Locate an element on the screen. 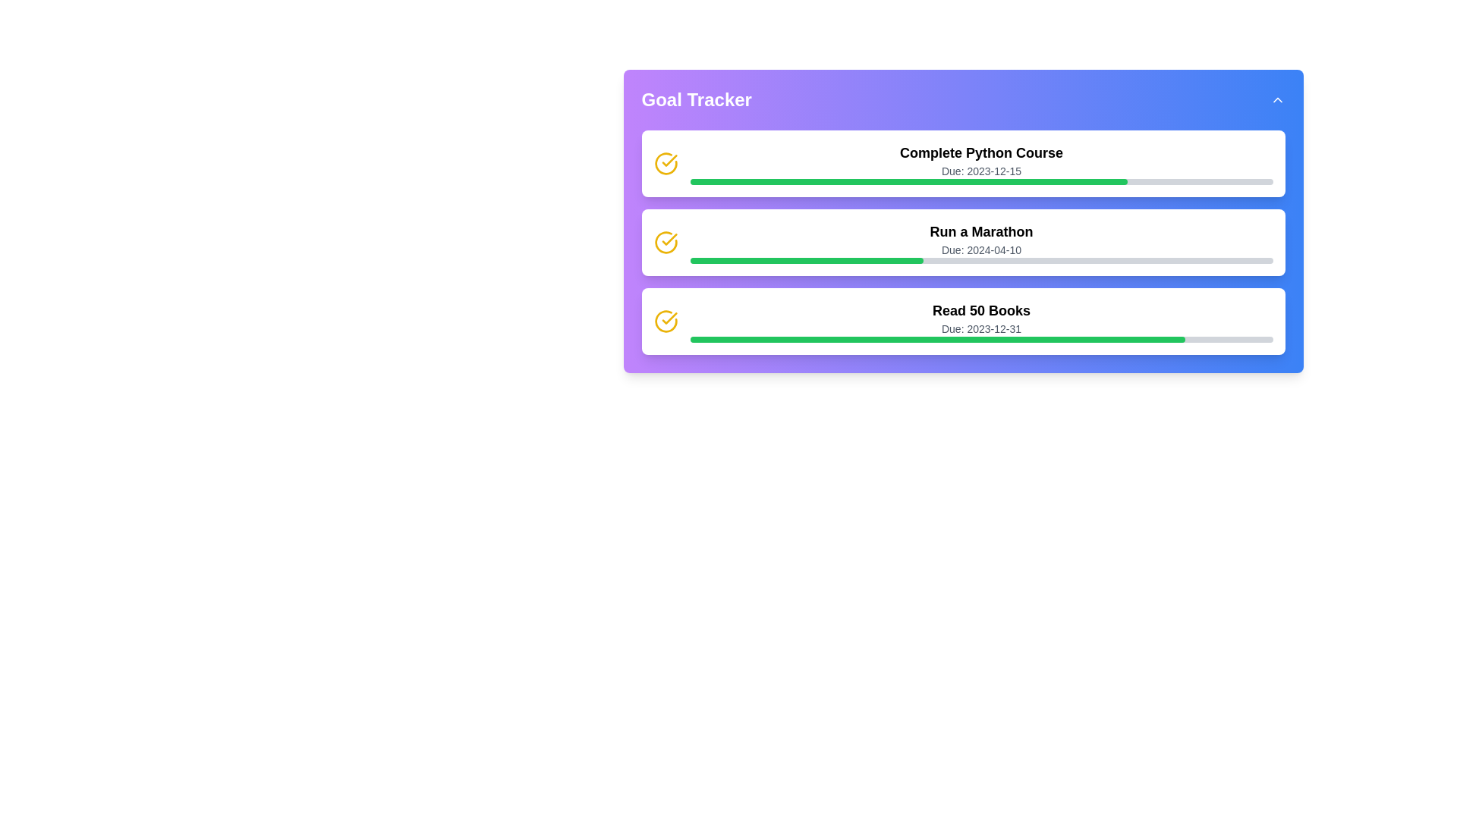 The height and width of the screenshot is (819, 1457). the circular icon with a tick mark indicating the completion status of the 'Complete Python Course' goal is located at coordinates (666, 321).